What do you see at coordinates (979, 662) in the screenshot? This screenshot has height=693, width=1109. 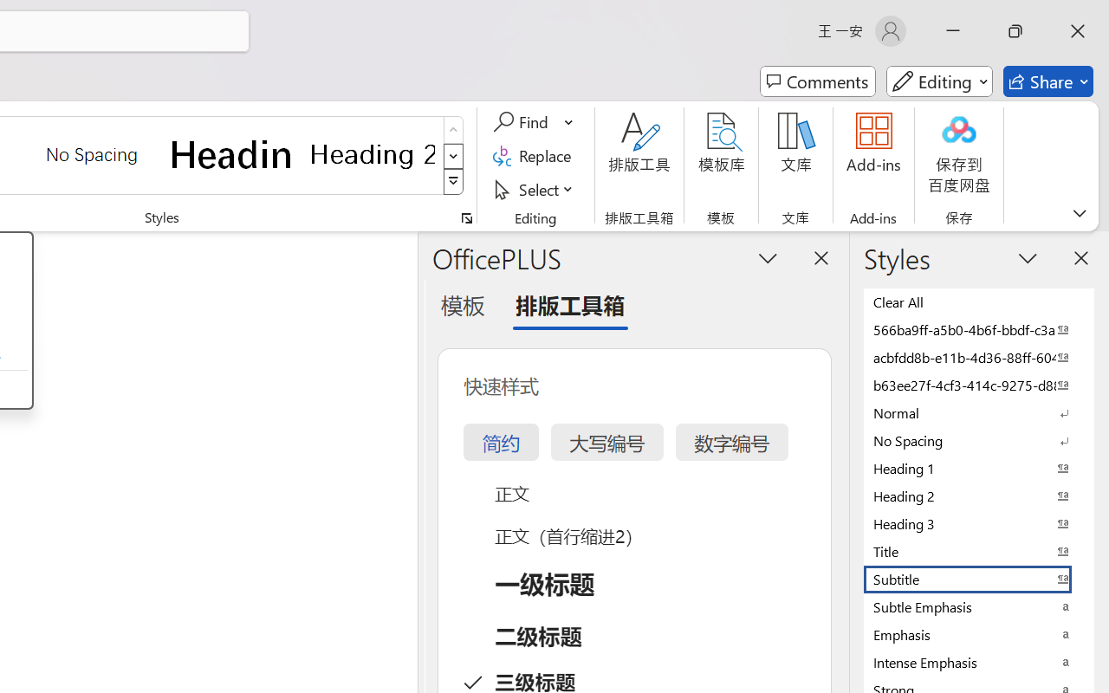 I see `'Intense Emphasis'` at bounding box center [979, 662].